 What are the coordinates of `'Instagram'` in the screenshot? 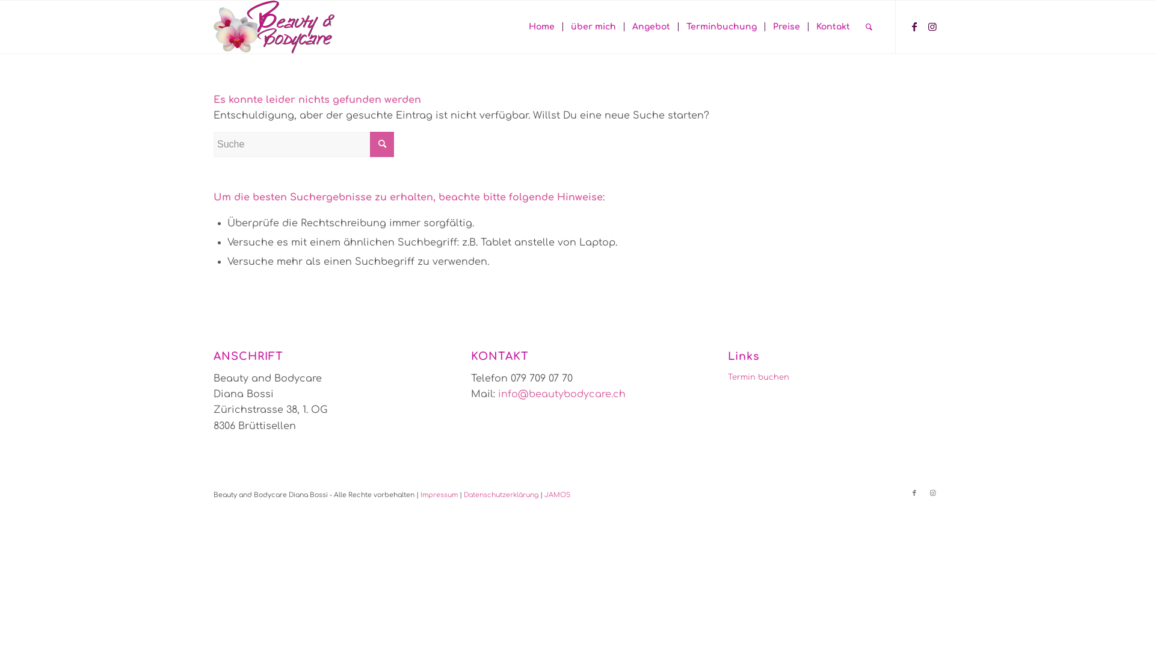 It's located at (923, 494).